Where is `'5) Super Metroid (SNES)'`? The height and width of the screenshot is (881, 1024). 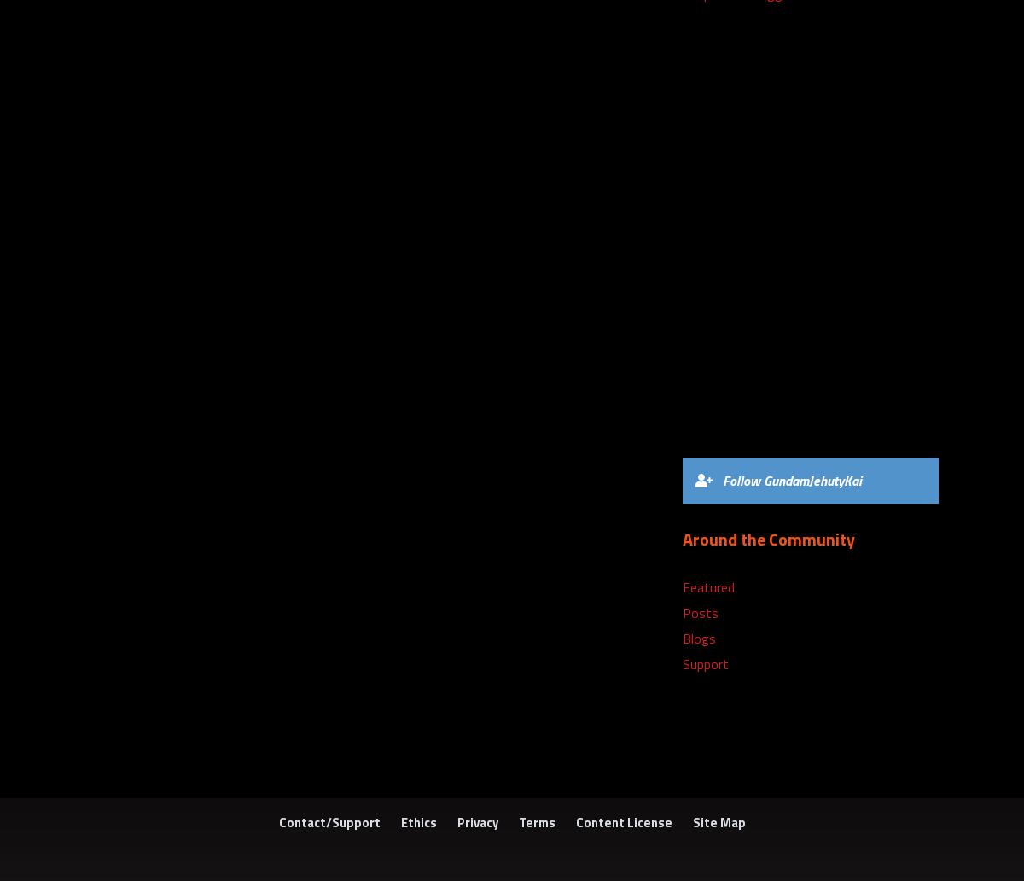 '5) Super Metroid (SNES)' is located at coordinates (759, 199).